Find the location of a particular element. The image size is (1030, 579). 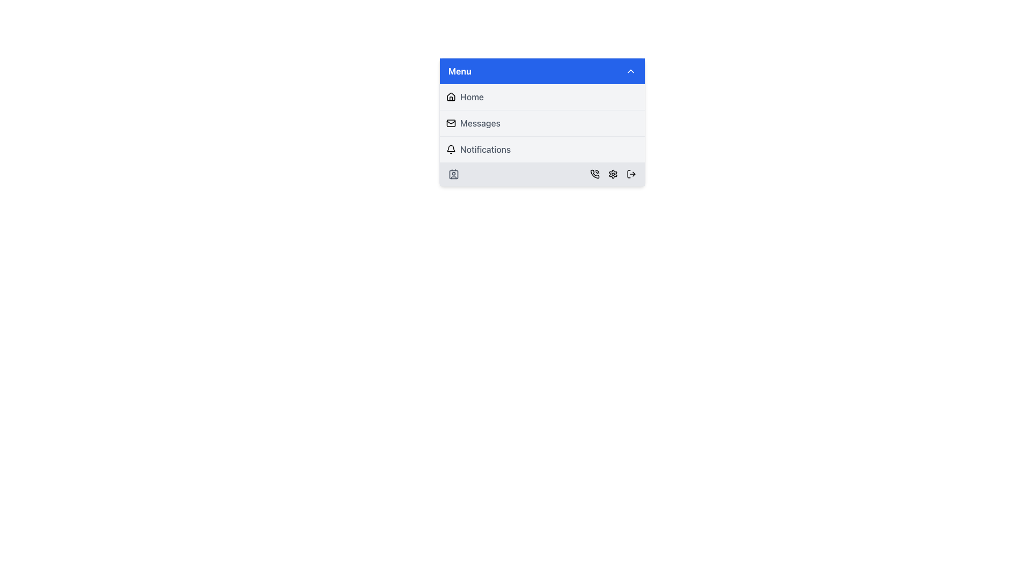

the notifications menu option, which is the third item in the vertical menu below 'Messages' is located at coordinates (542, 149).